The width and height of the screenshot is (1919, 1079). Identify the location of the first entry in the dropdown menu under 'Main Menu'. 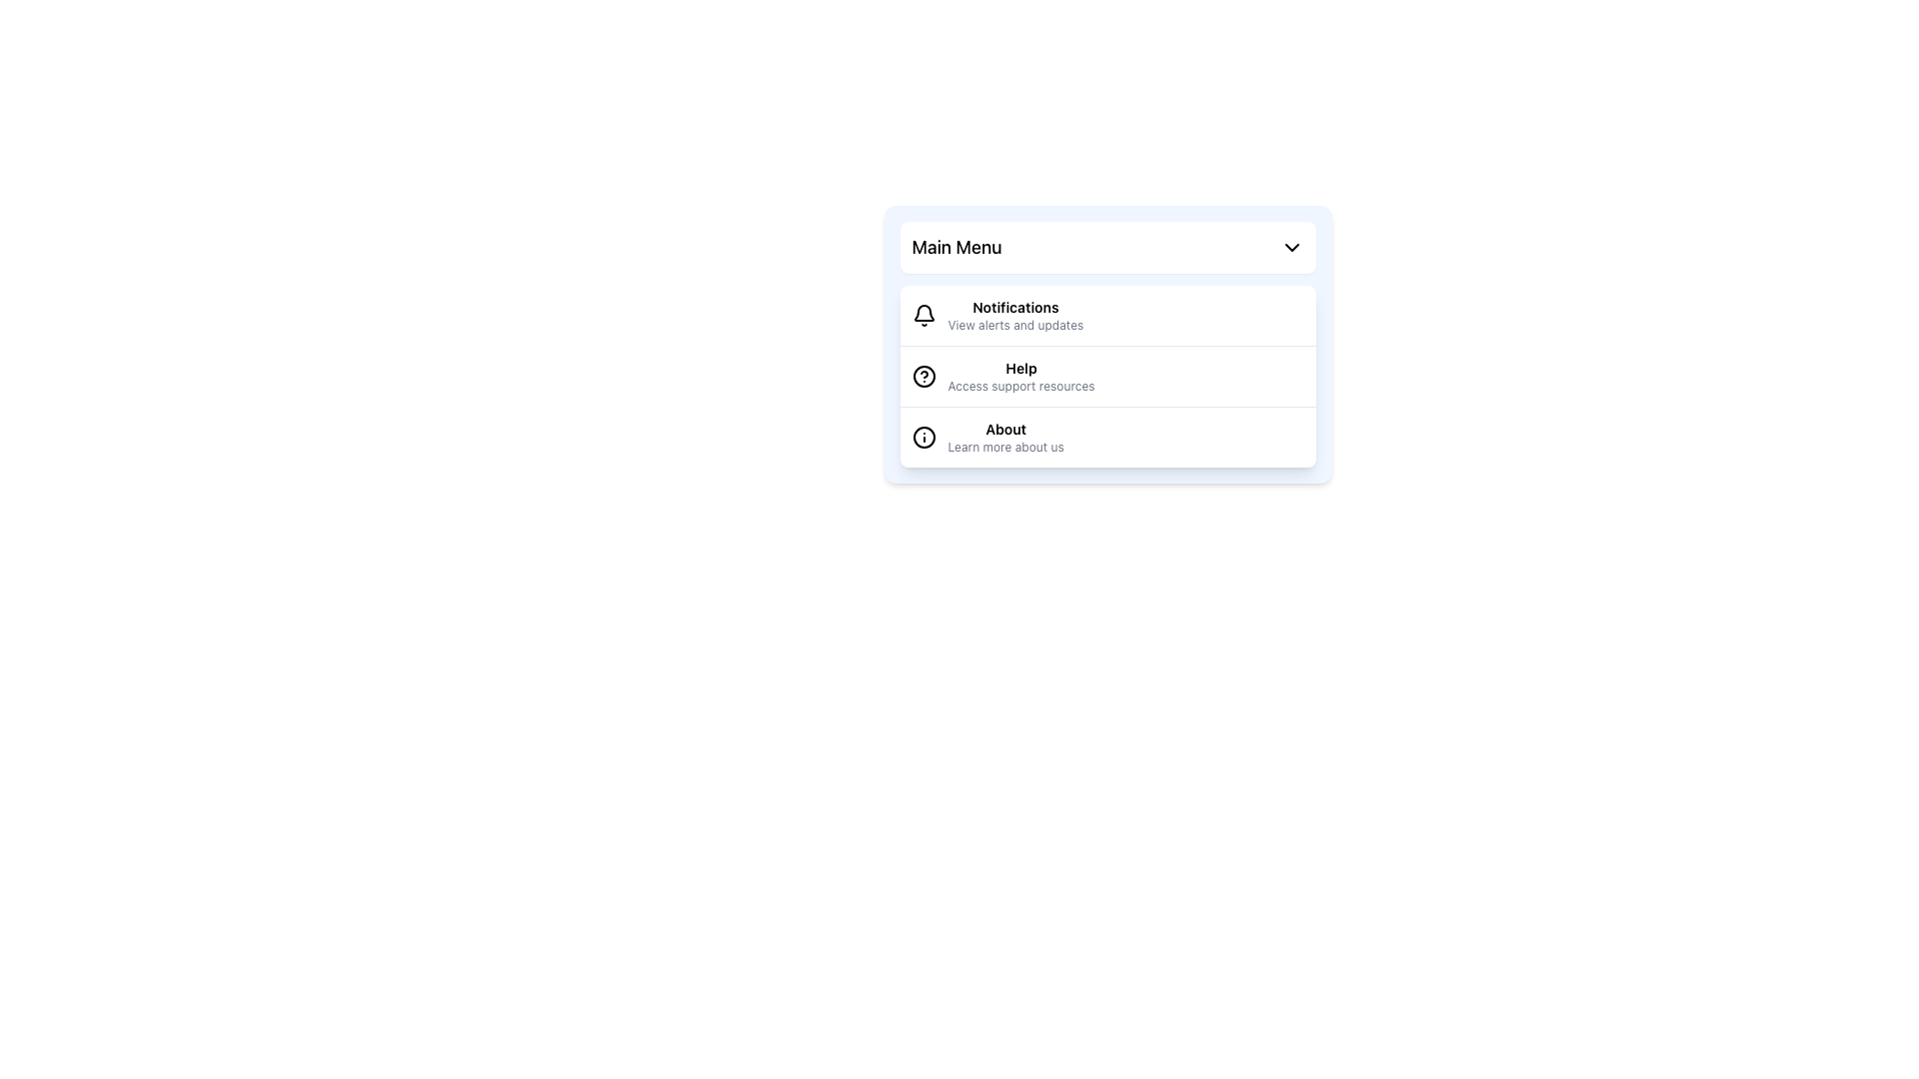
(1106, 315).